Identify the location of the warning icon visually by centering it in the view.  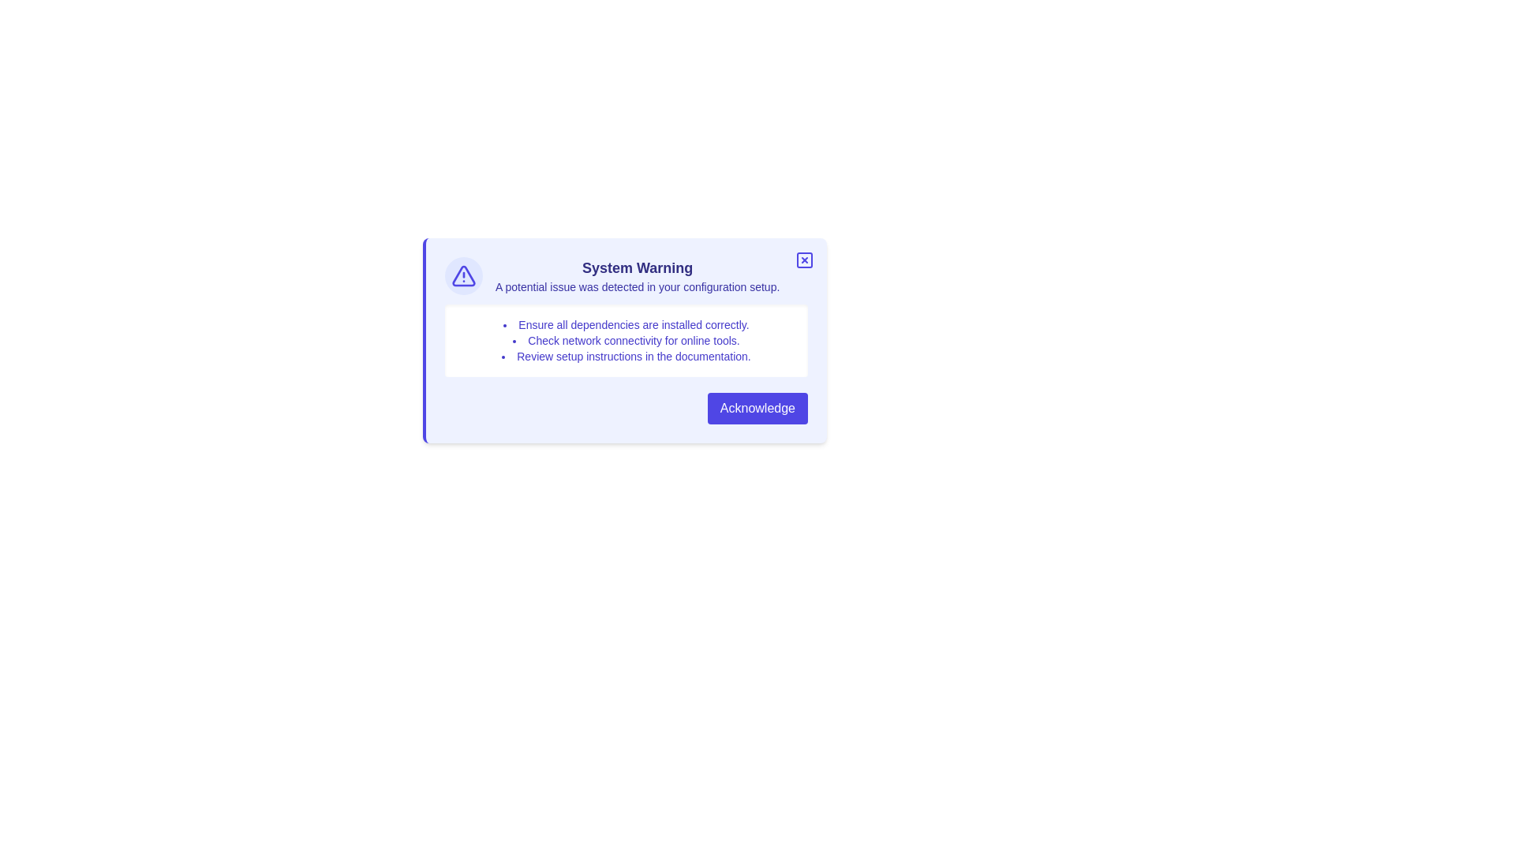
(463, 275).